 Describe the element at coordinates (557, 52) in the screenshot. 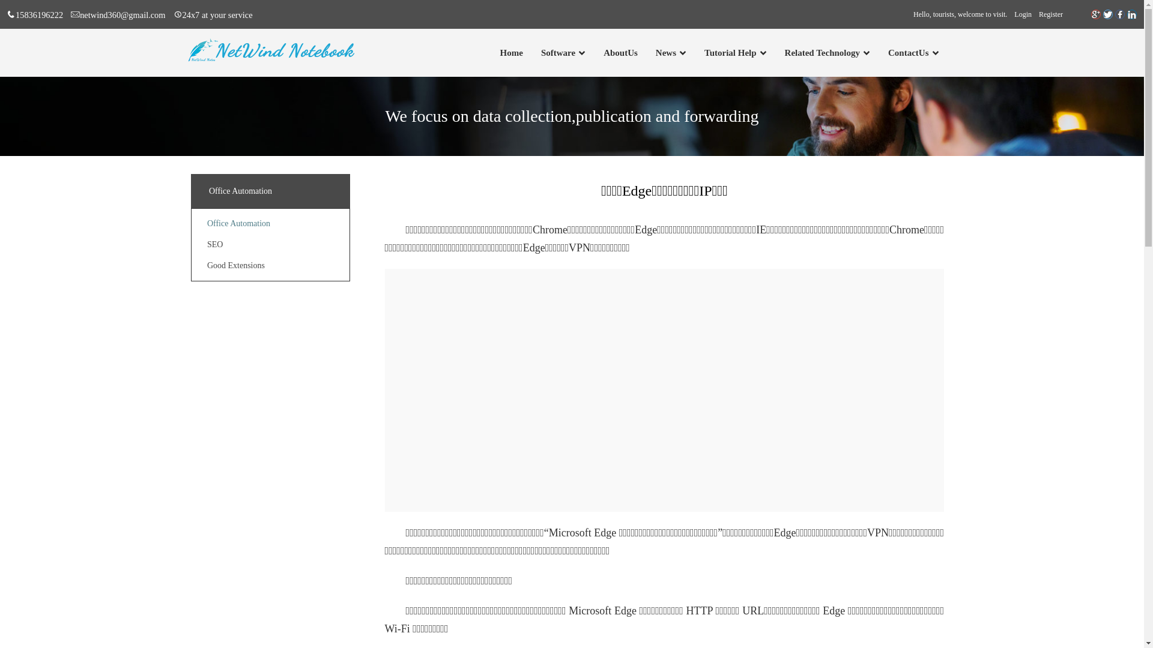

I see `'Software'` at that location.